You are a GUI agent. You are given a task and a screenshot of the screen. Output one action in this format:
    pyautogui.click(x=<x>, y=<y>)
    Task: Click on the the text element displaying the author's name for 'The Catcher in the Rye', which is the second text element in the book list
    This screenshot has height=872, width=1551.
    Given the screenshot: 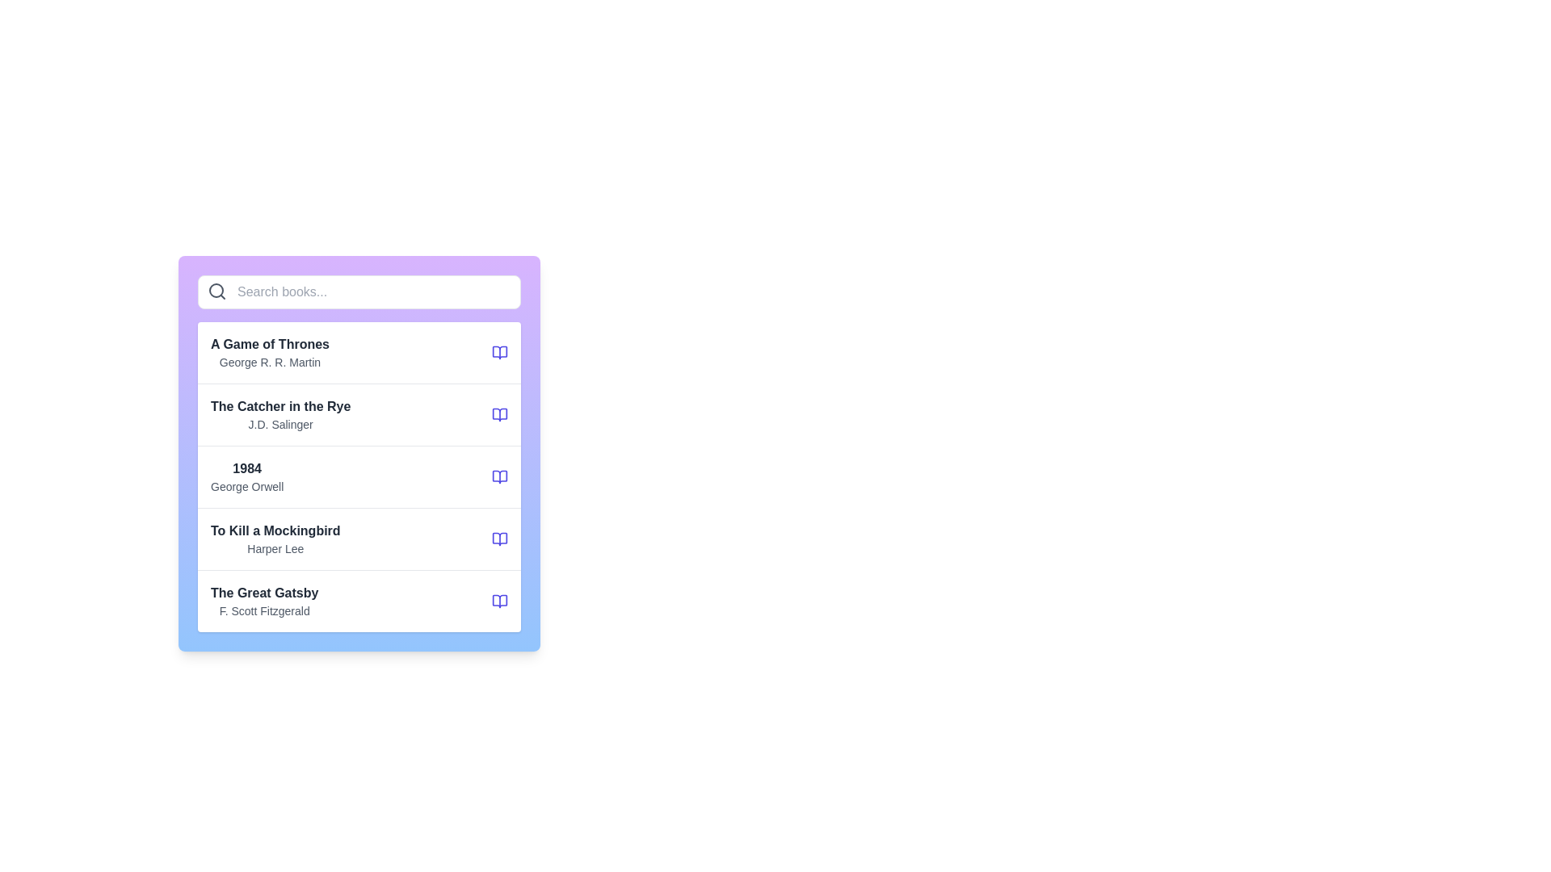 What is the action you would take?
    pyautogui.click(x=280, y=423)
    